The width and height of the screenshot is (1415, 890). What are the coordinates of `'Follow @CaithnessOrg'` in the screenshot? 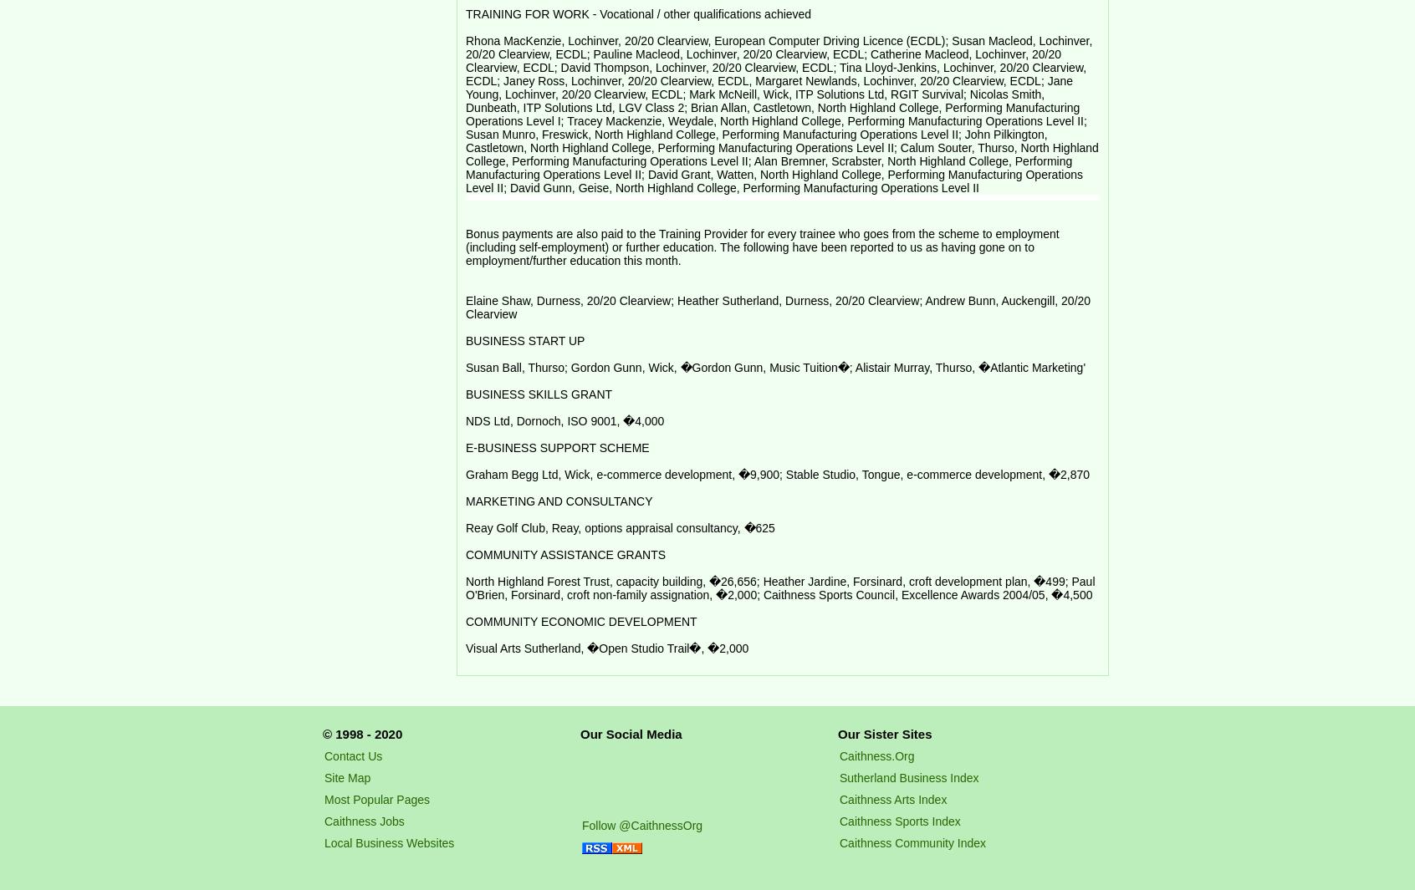 It's located at (641, 825).